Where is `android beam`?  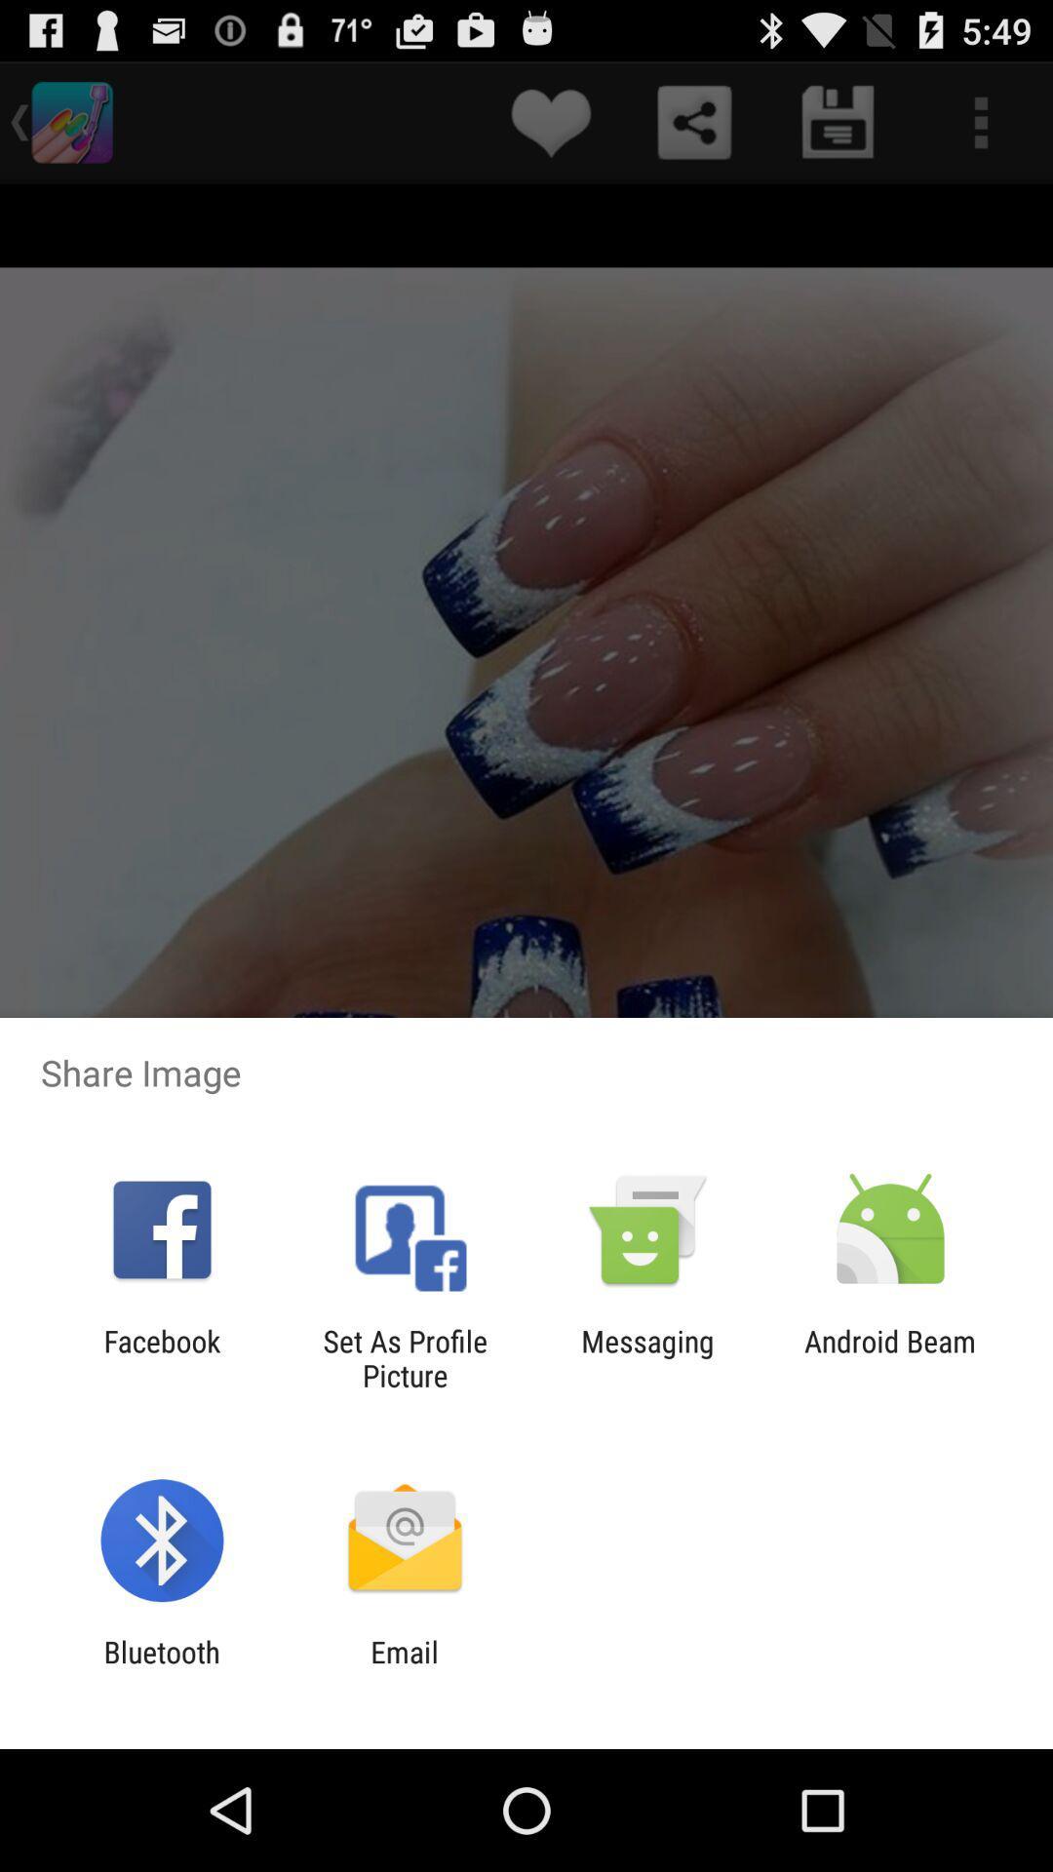 android beam is located at coordinates (890, 1357).